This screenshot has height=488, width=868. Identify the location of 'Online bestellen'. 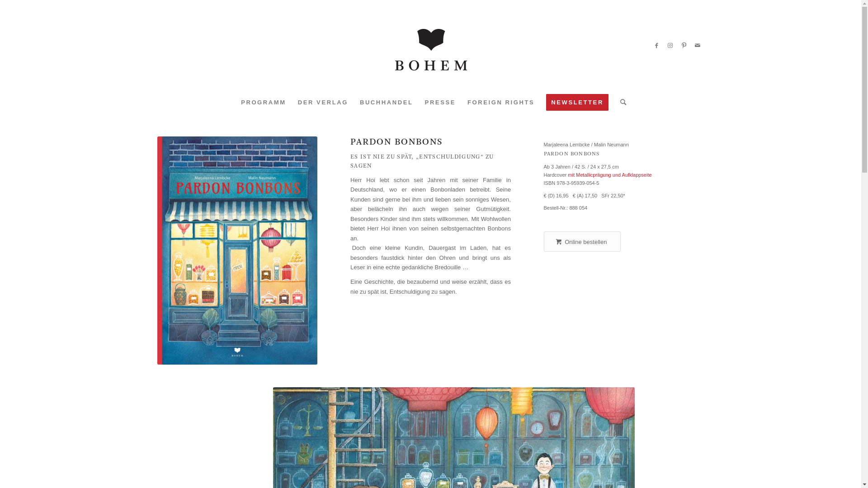
(543, 241).